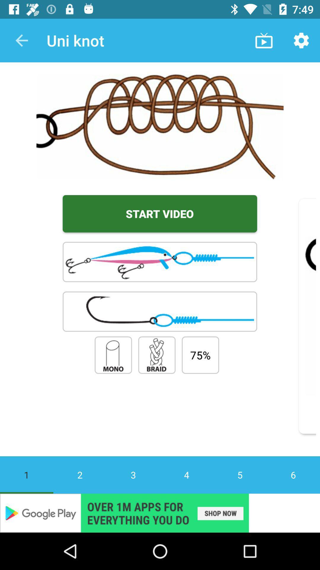 The image size is (320, 570). I want to click on advertisement bar, so click(160, 513).